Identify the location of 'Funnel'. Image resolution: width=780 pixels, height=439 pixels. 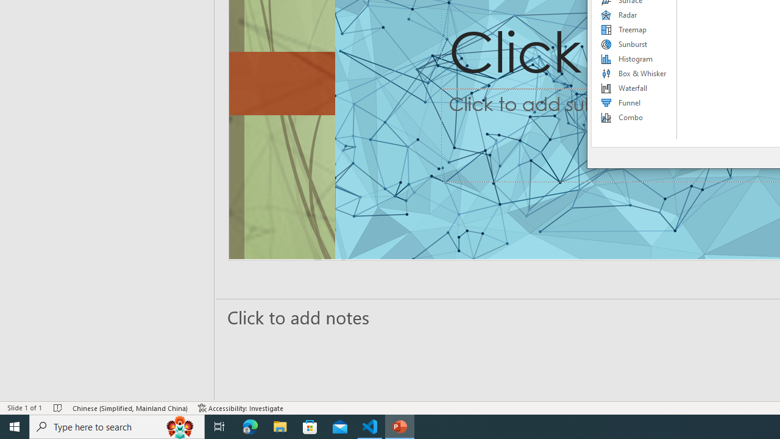
(634, 102).